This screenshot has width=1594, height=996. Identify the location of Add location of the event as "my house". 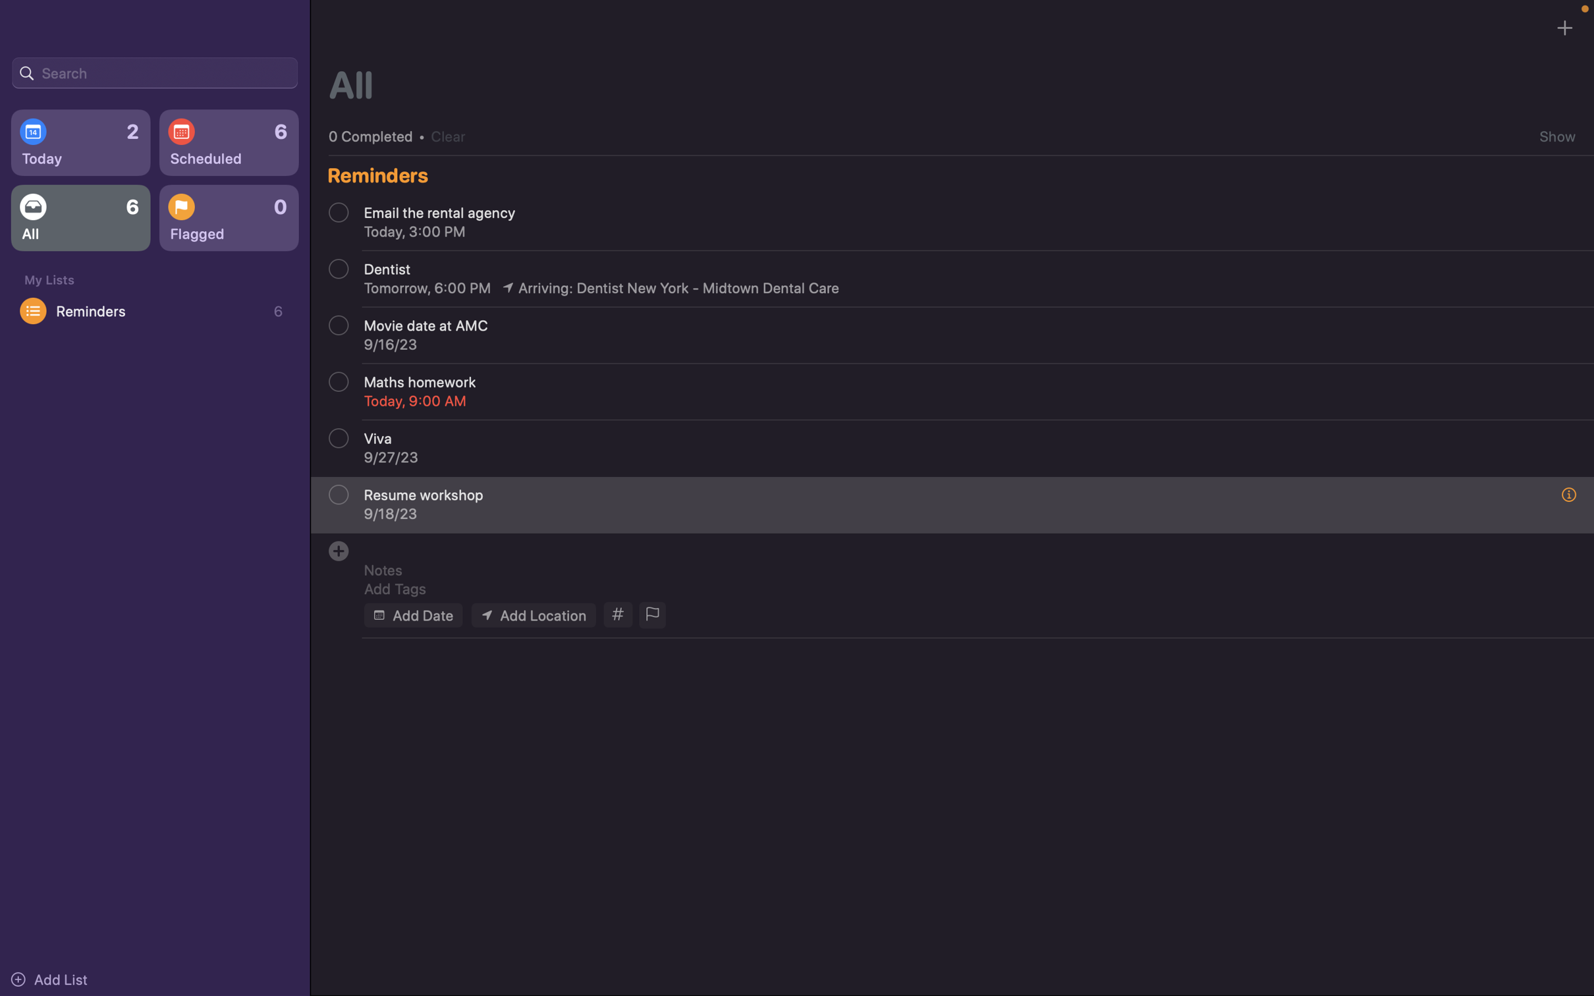
(532, 614).